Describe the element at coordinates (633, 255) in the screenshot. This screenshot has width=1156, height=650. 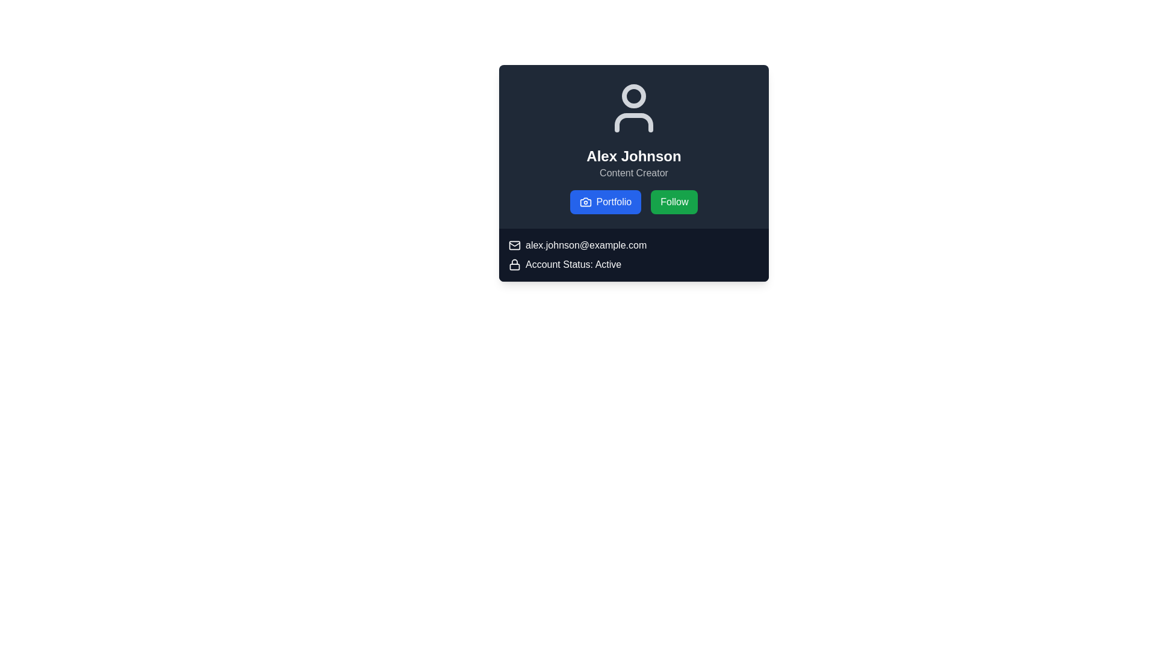
I see `the informational block element containing the email 'alex.johnson@example.com' and the text 'Account Status: Active' located at the bottom of the profile card` at that location.